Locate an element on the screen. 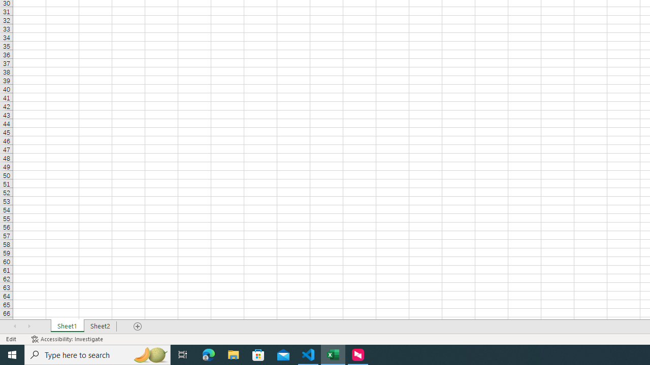 The image size is (650, 365). 'Sheet2' is located at coordinates (100, 326).